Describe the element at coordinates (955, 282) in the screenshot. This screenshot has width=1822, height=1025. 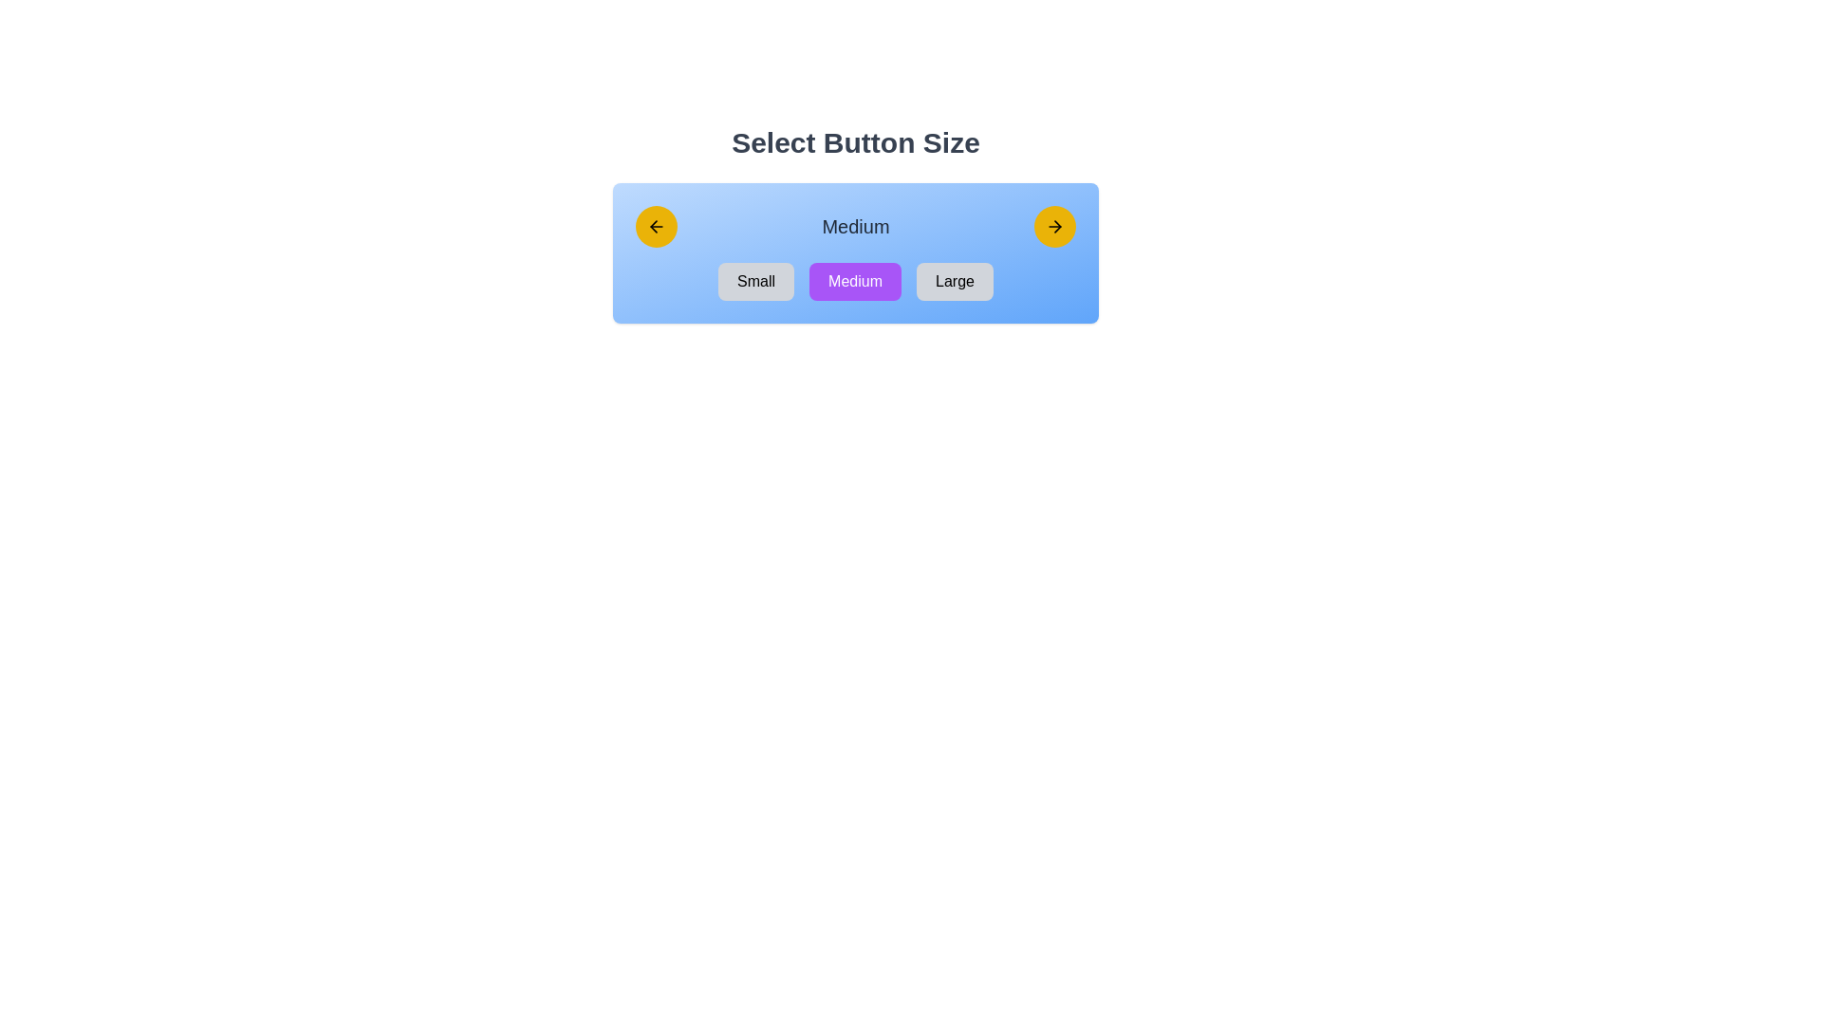
I see `the 'Large' button with rounded edges and black text` at that location.